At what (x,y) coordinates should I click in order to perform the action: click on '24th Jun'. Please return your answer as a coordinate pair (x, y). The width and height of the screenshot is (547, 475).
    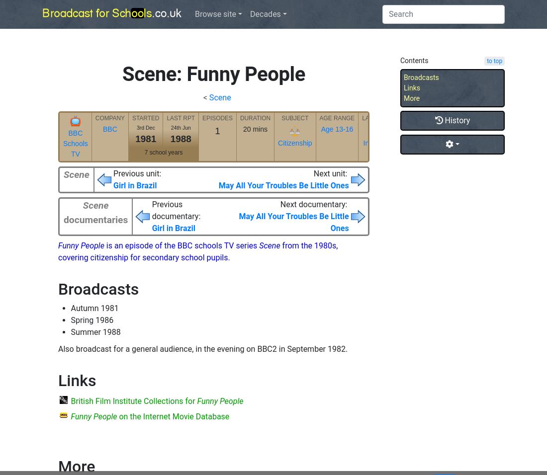
    Looking at the image, I should click on (170, 127).